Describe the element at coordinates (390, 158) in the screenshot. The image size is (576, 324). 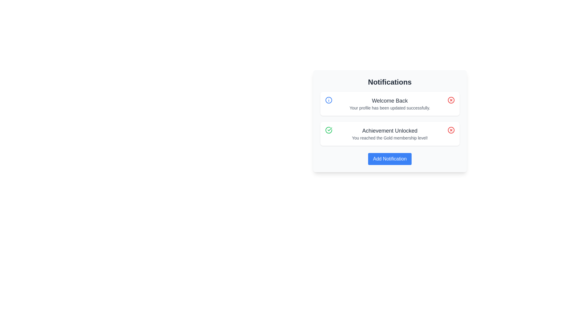
I see `the button located at the bottom of the 'Notifications' card` at that location.